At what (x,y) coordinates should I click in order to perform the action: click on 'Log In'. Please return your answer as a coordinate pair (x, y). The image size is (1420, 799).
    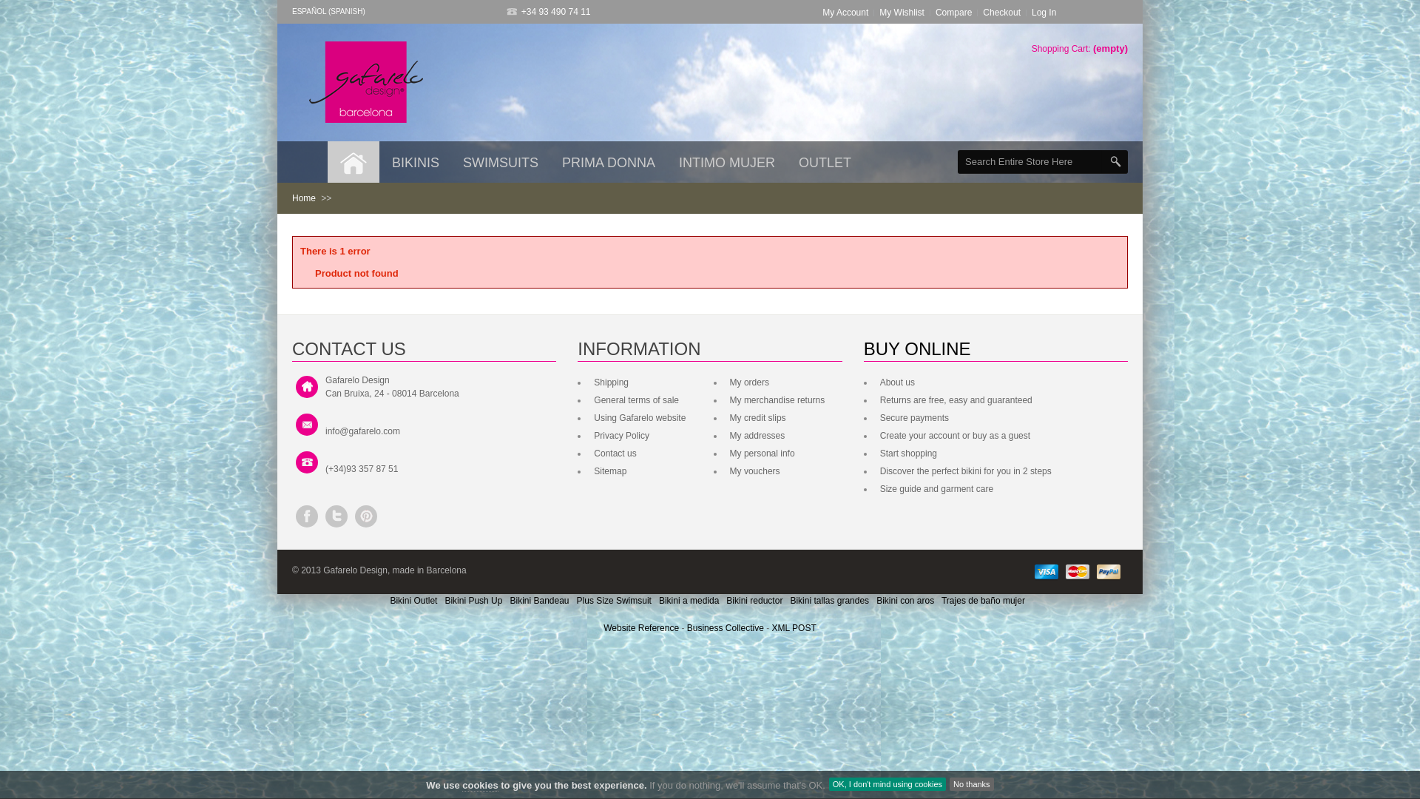
    Looking at the image, I should click on (1043, 12).